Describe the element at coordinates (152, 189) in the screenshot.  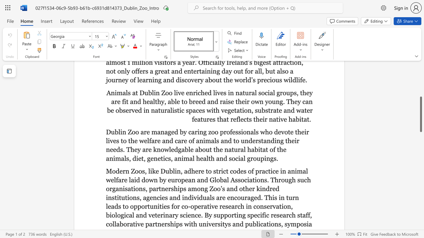
I see `the subset text "artnerships among Zoo’s and other kindred institutions, agencies and individuals are encouraged. This in turn leads to opportunities for co-operative research in conservation, biological and veterinary science. By supporting specifi" within the text "Modern Zoos, like Dublin, adhere to strict codes of practice in animal welfare laid down by european and Global Associations. Through such organisations, partnerships among Zoo’s and other kindred institutions, agencies and individuals are encouraged. This in turn leads to opportunities for co-operative research in conservation, biological and veterinary science. By supporting specific research staff, collaborative partnerships with universitys and publications, symposia"` at that location.